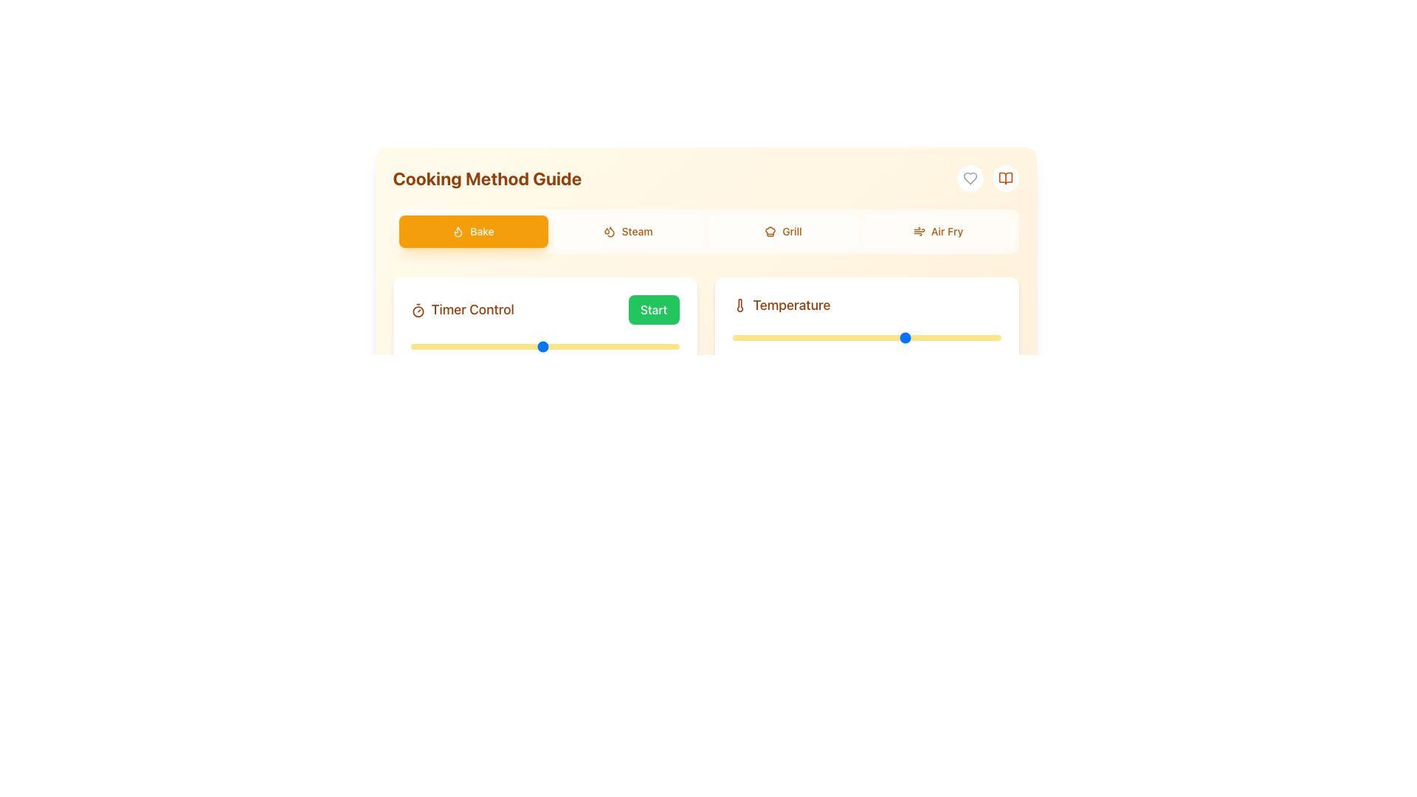 The height and width of the screenshot is (797, 1417). Describe the element at coordinates (918, 231) in the screenshot. I see `the iconographic visual element that indicates the 'Air Fry' cooking method, located to the left of the 'Air Fry' text label in the fourth button from the left in the cooking method options row` at that location.